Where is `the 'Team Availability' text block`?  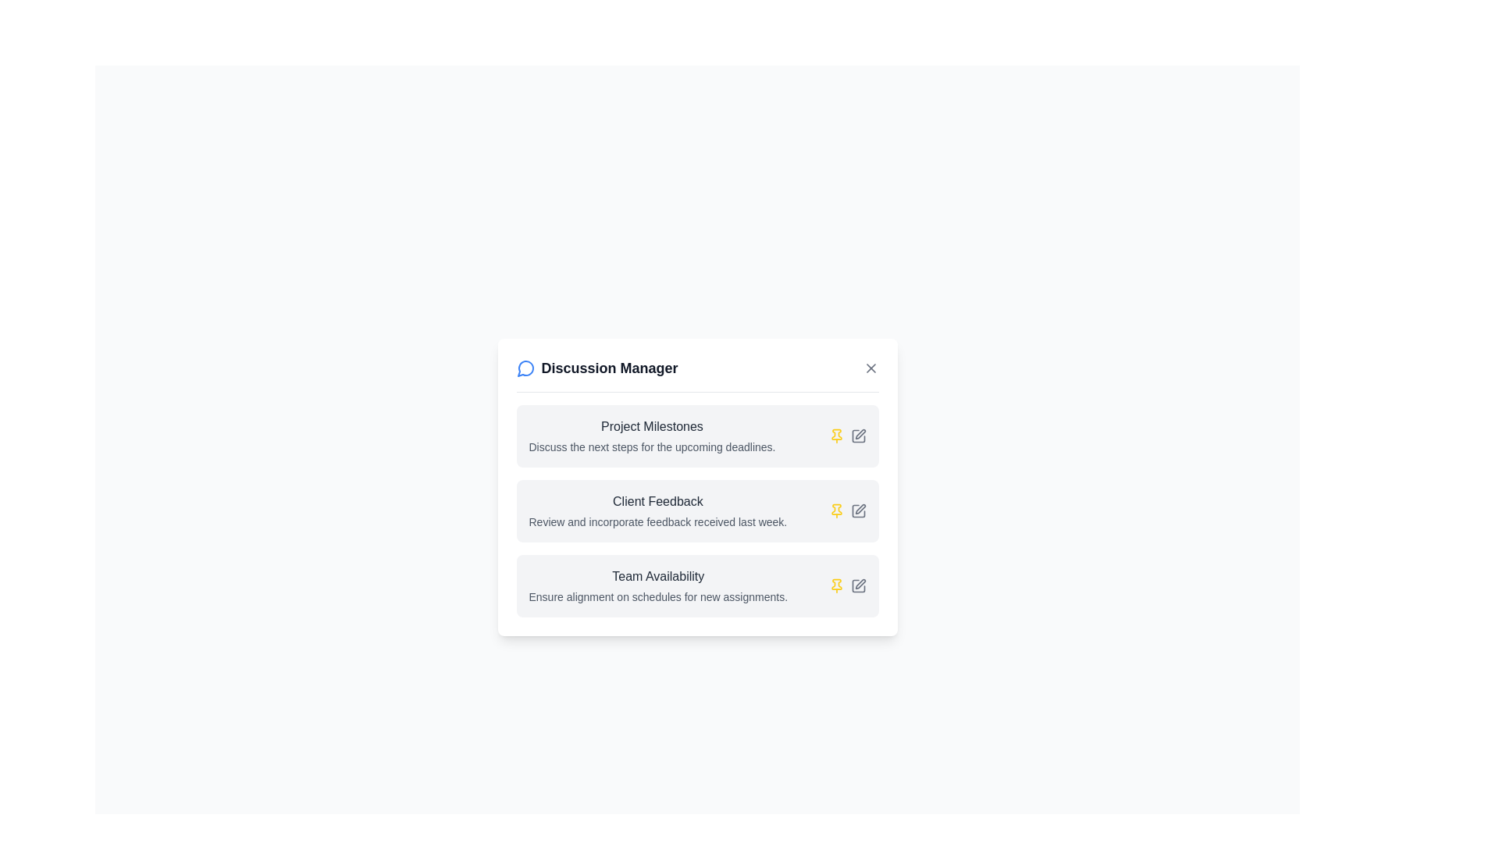 the 'Team Availability' text block is located at coordinates (696, 585).